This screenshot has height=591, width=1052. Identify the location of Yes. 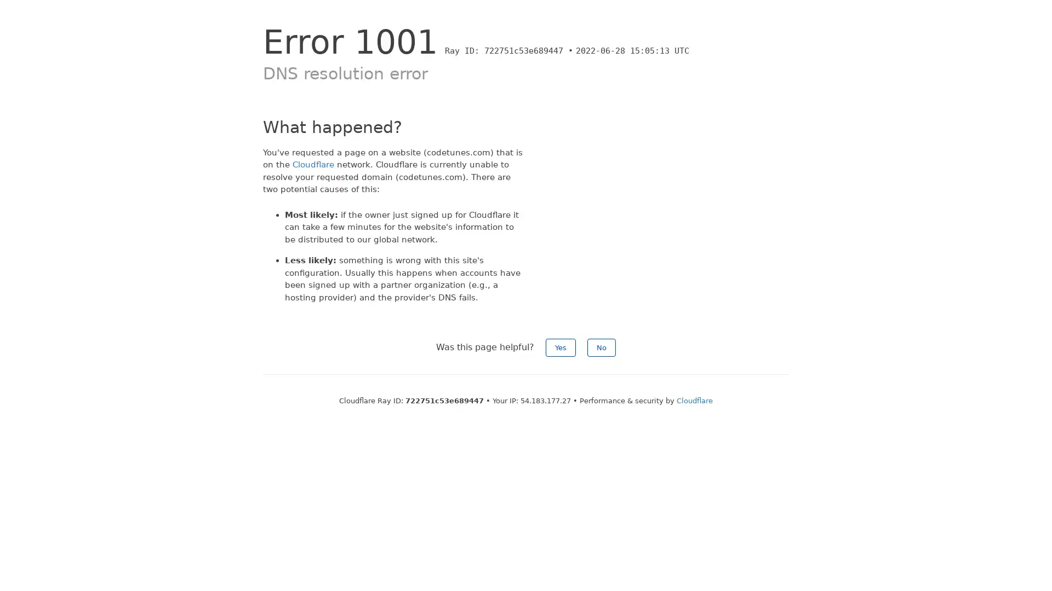
(561, 347).